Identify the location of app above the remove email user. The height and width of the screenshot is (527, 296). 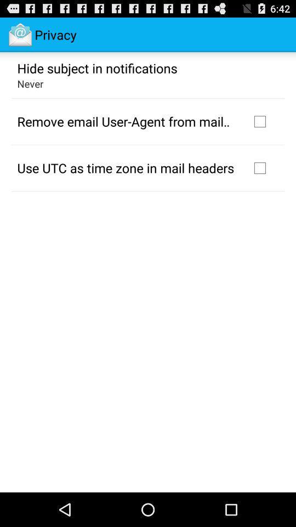
(30, 83).